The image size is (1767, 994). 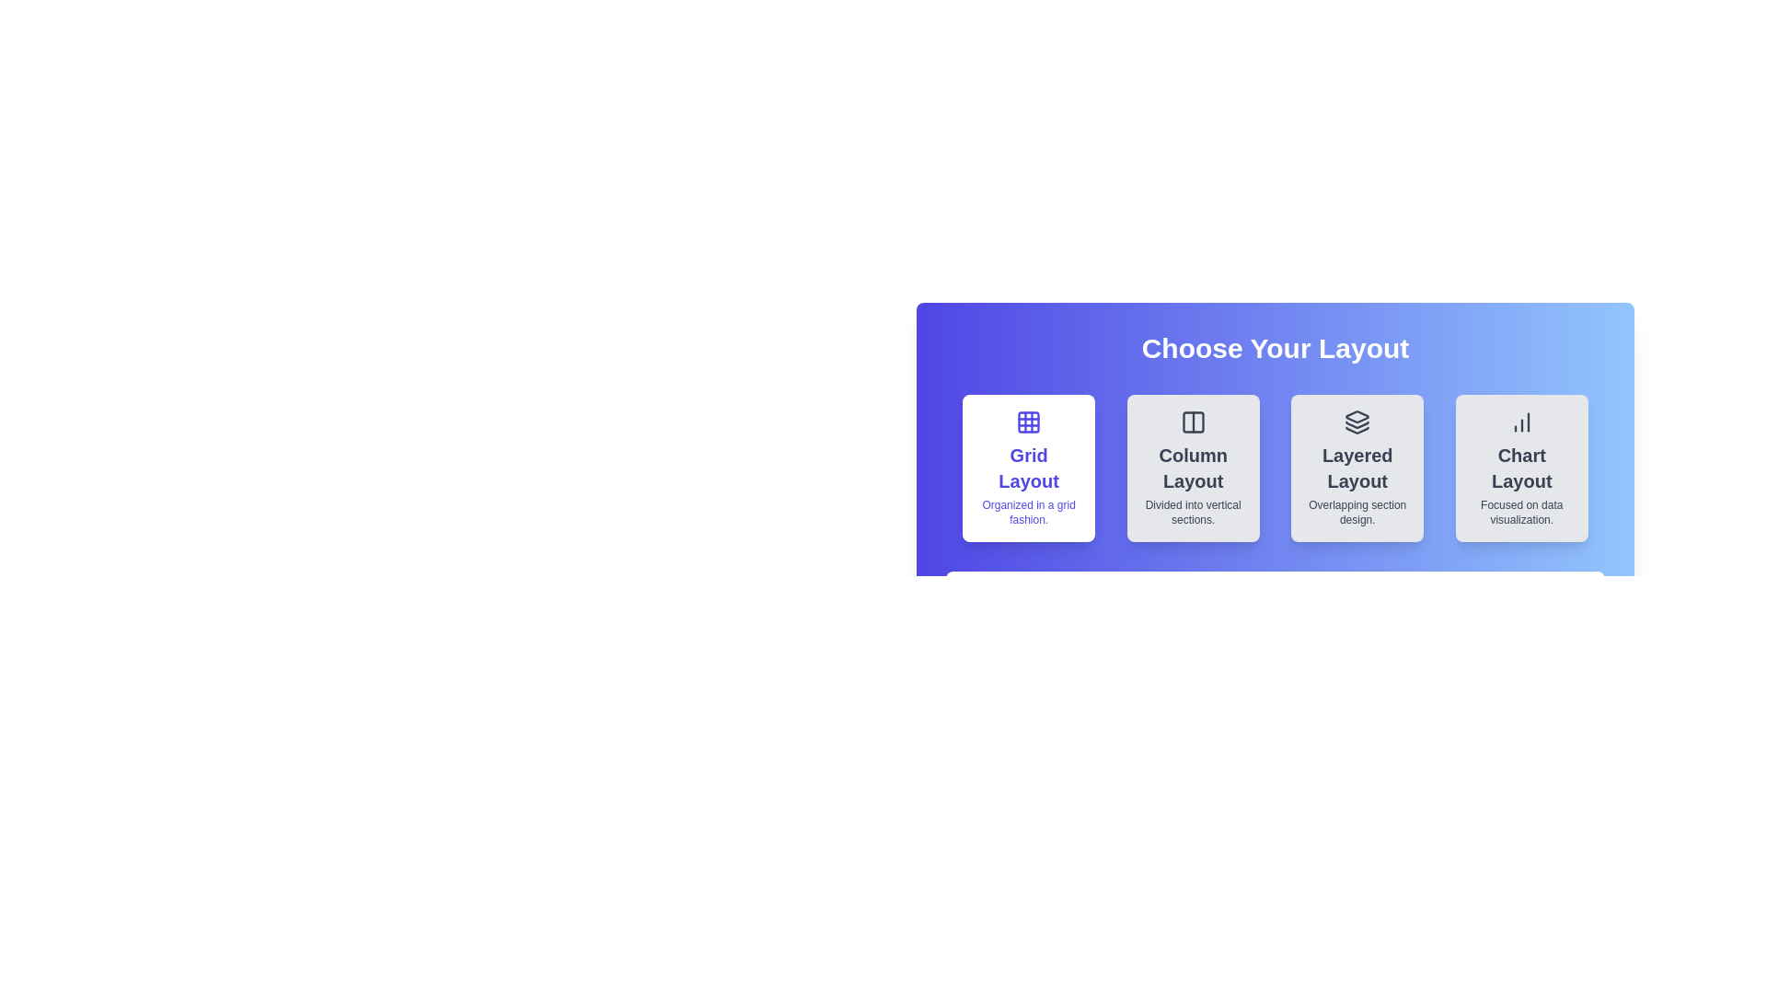 I want to click on the layout button corresponding to Chart Layout, so click(x=1520, y=468).